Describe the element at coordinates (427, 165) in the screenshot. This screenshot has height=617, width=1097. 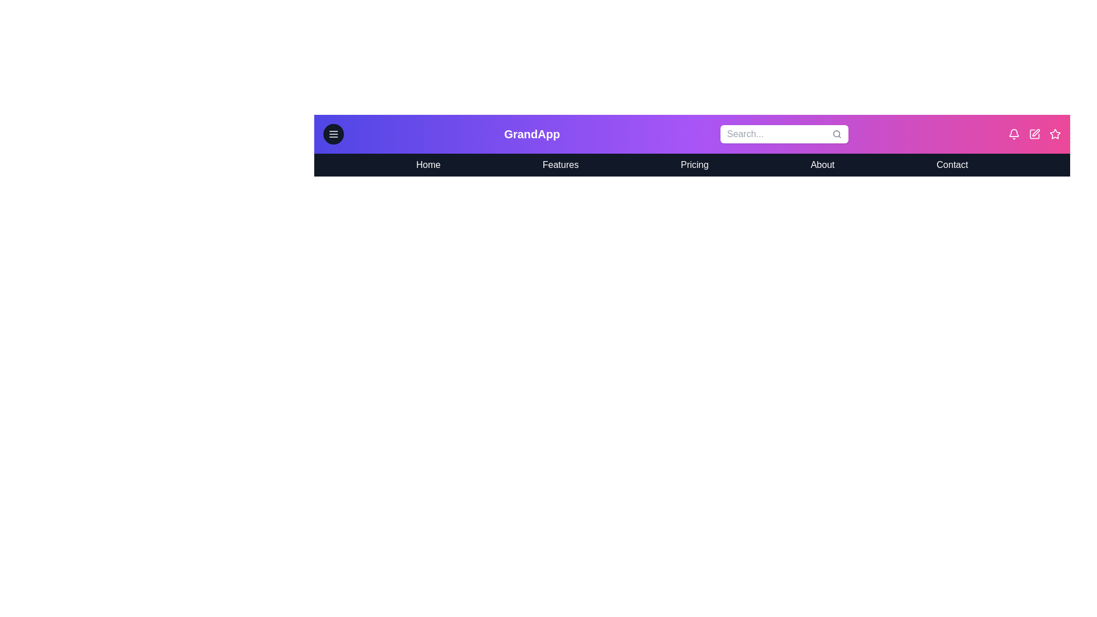
I see `the navigation menu item labeled Home` at that location.